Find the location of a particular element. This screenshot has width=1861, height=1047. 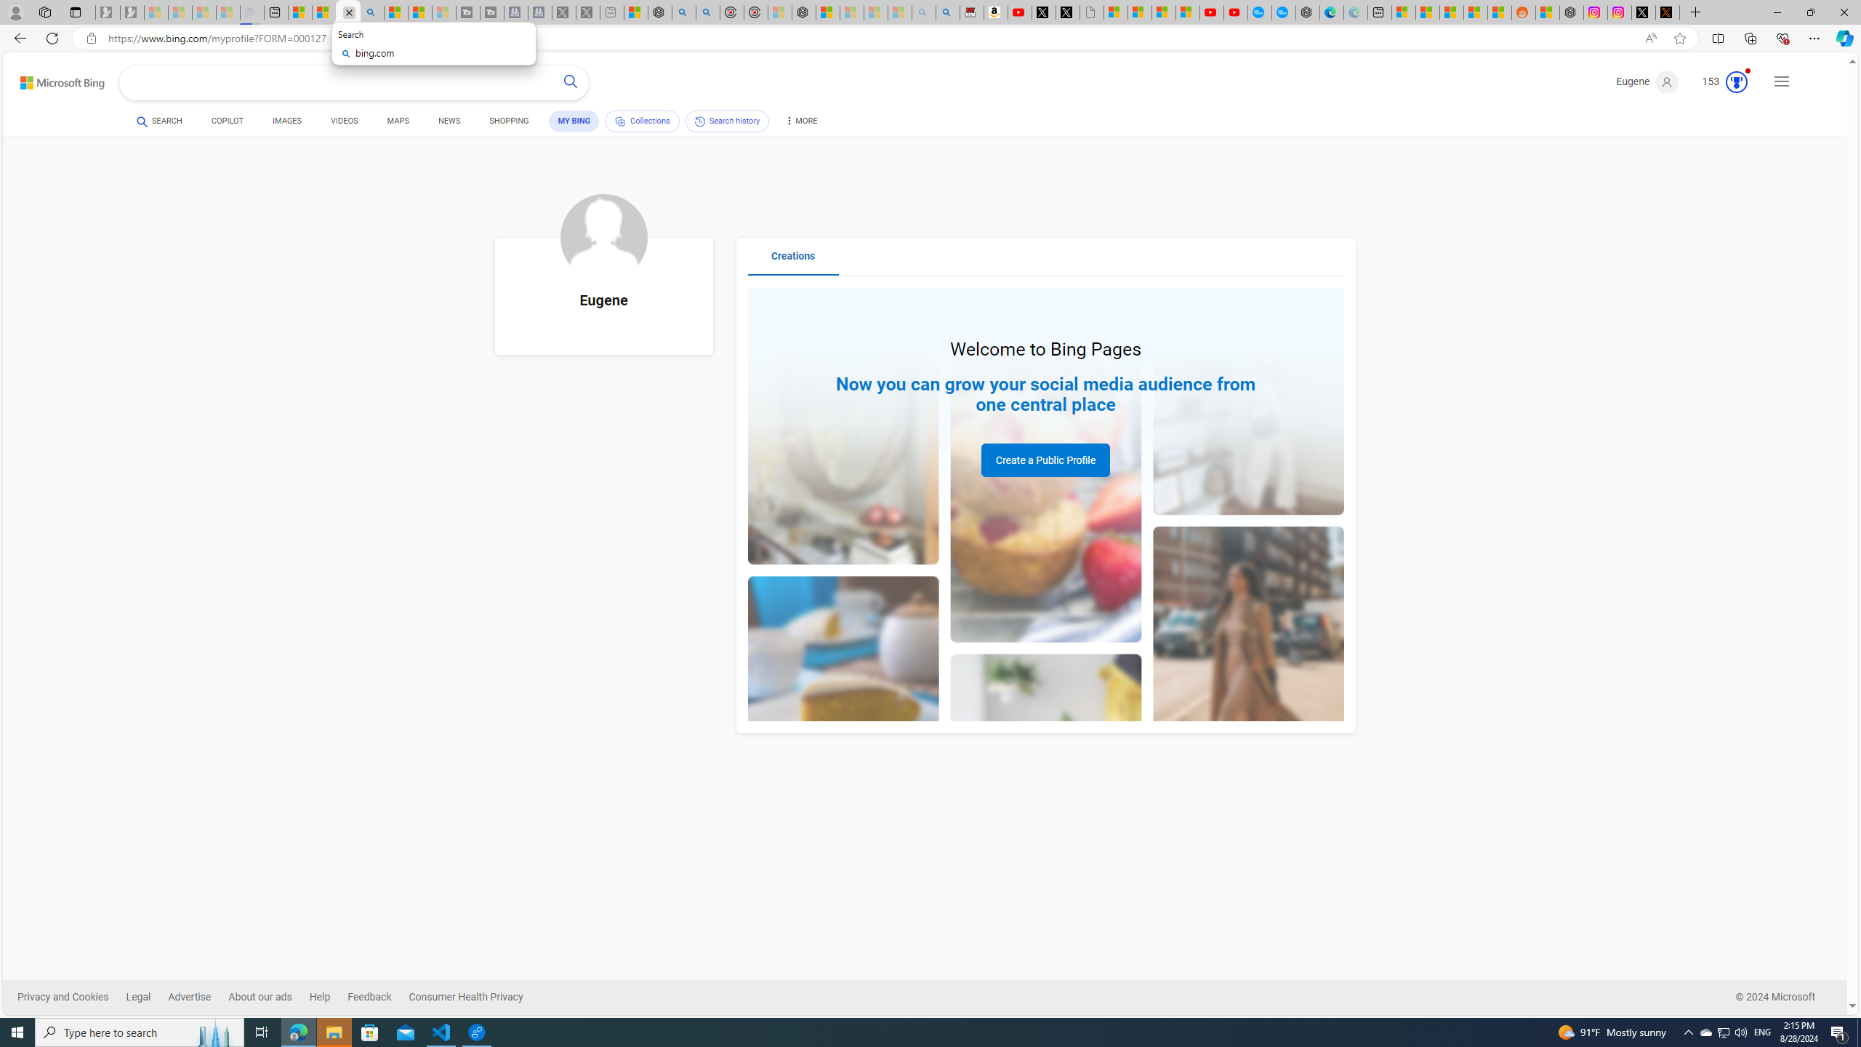

'About our ads' is located at coordinates (268, 997).